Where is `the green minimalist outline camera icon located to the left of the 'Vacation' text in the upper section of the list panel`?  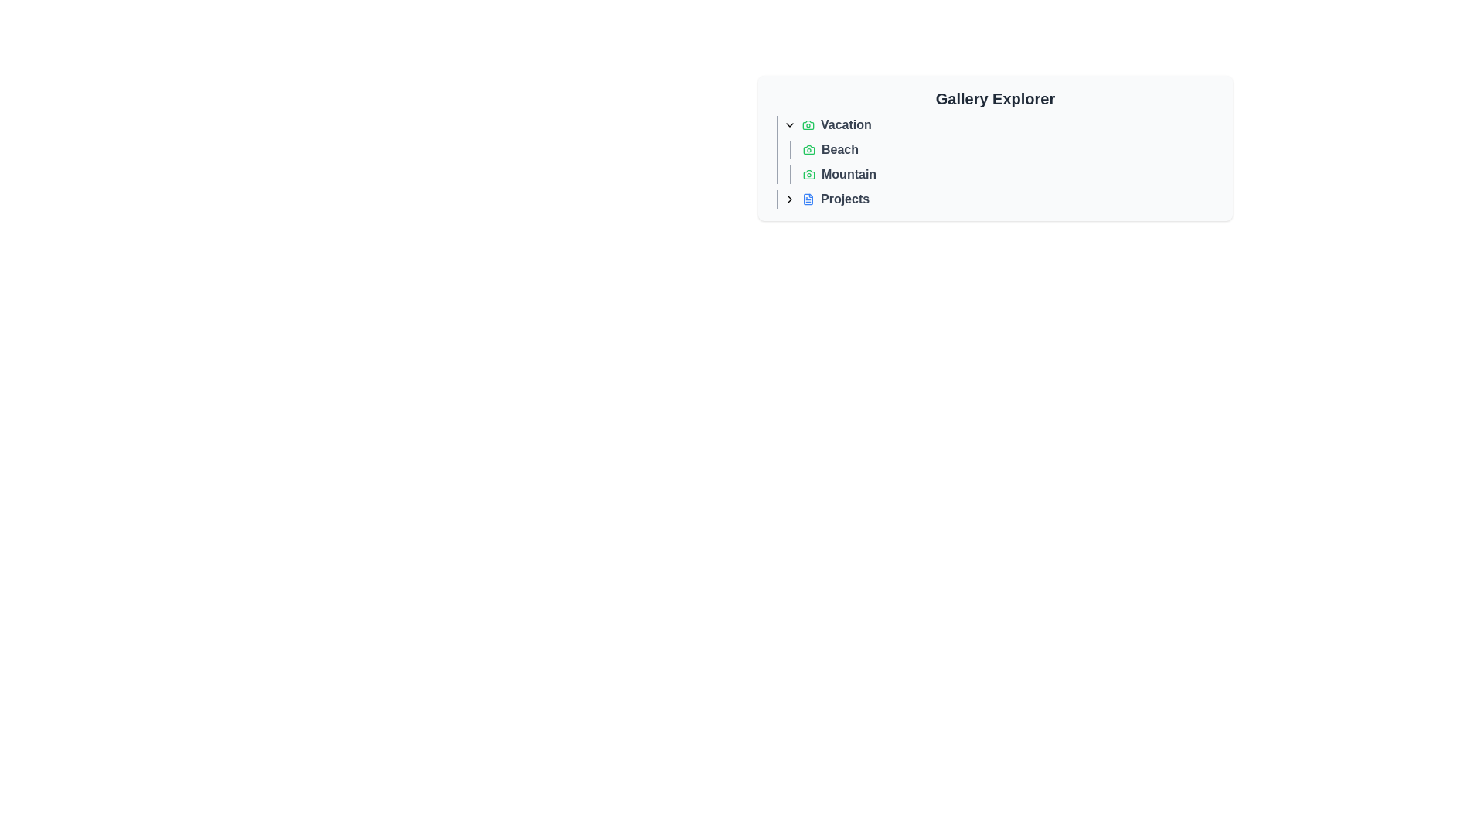 the green minimalist outline camera icon located to the left of the 'Vacation' text in the upper section of the list panel is located at coordinates (808, 124).